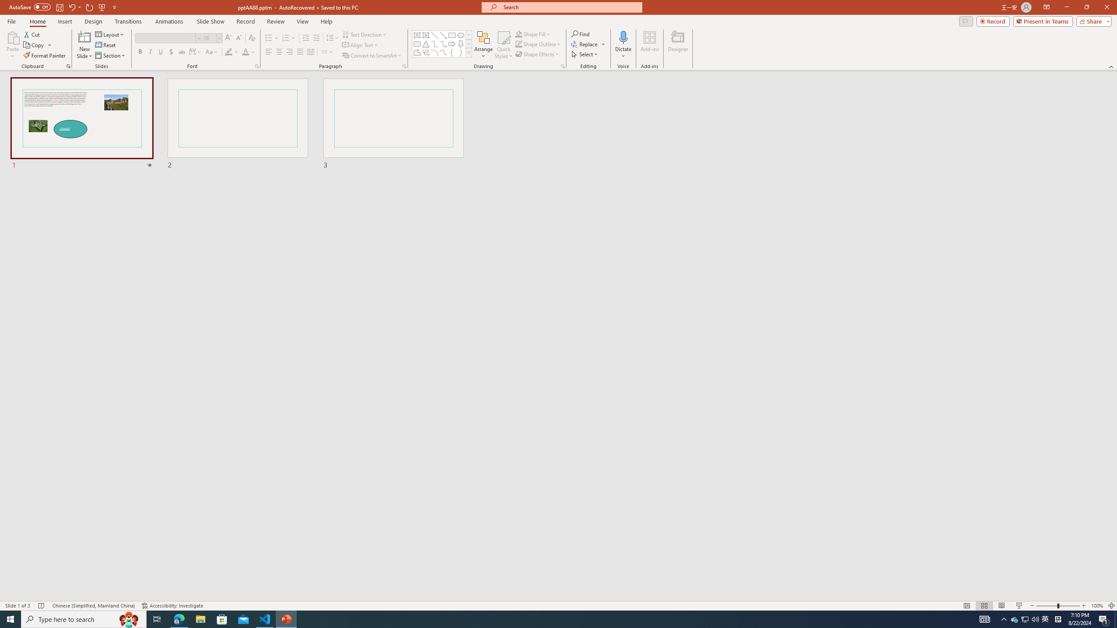 This screenshot has height=628, width=1117. I want to click on 'Font...', so click(256, 65).